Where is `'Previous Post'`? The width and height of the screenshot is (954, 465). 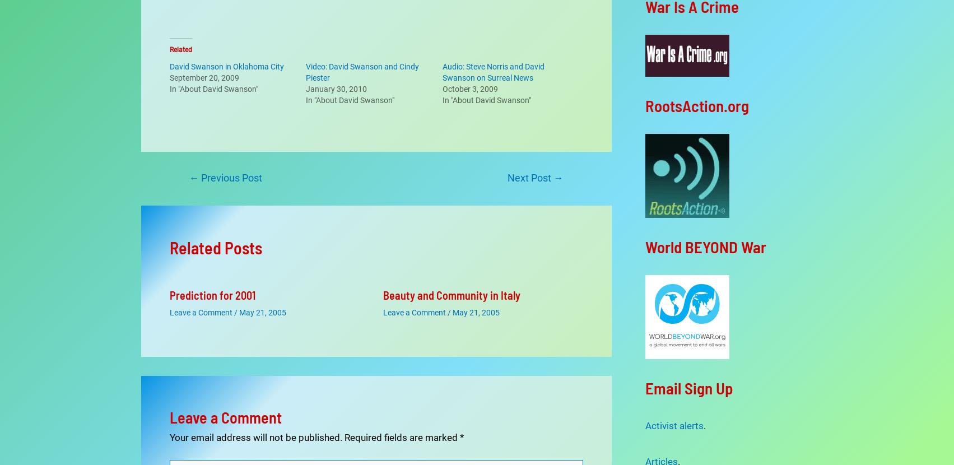
'Previous Post' is located at coordinates (230, 147).